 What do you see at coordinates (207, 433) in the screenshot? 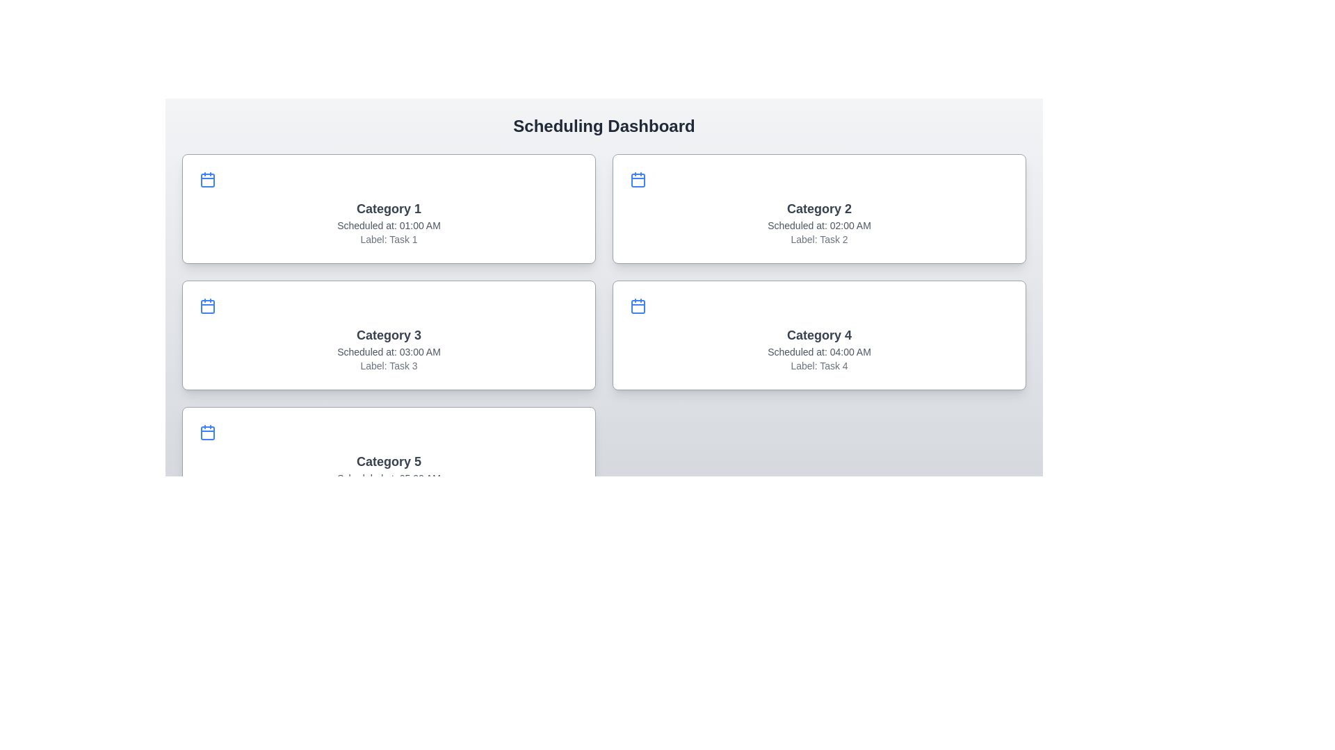
I see `the calendar icon located in the left panel adjacent to the text 'Category 5'` at bounding box center [207, 433].